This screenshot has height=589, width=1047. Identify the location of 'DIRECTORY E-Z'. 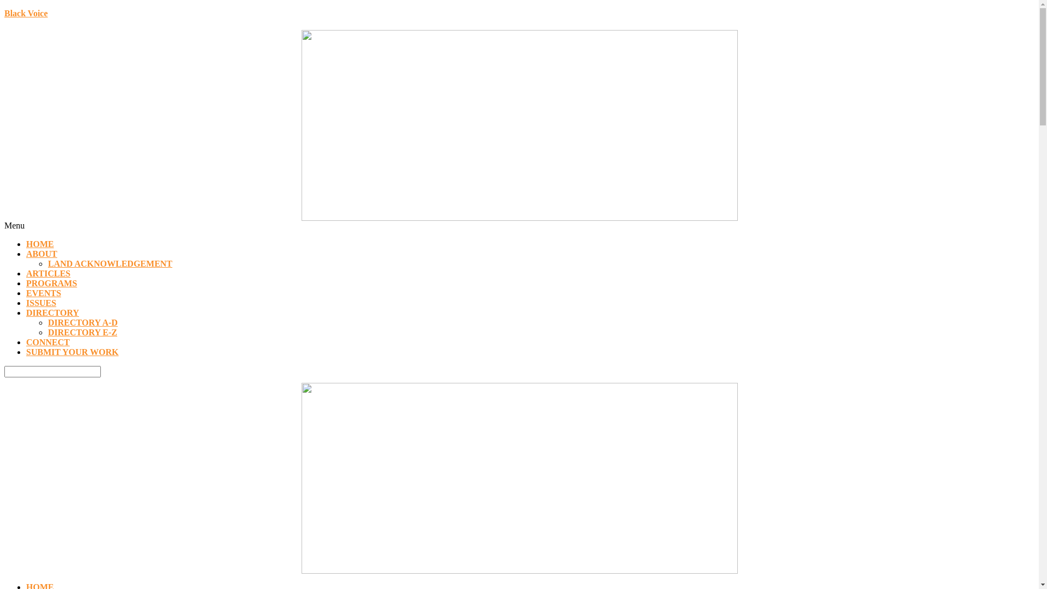
(82, 332).